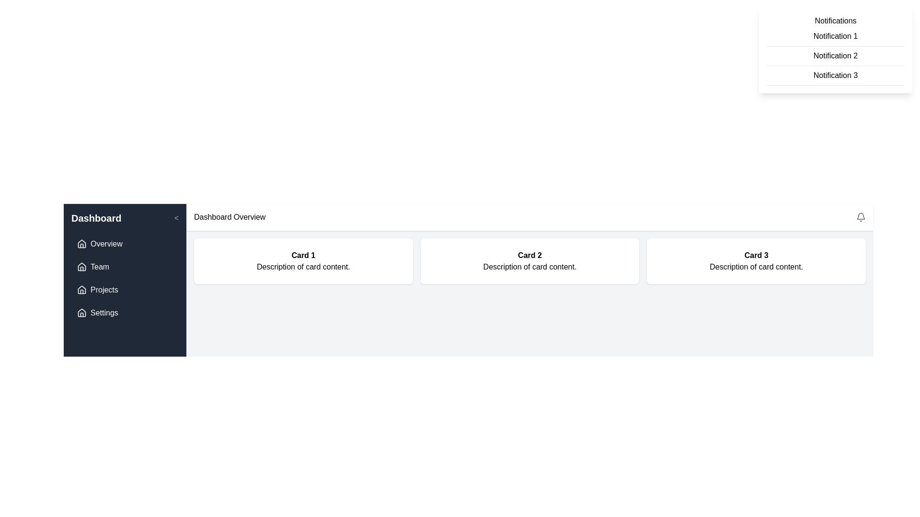 This screenshot has height=517, width=920. Describe the element at coordinates (96, 218) in the screenshot. I see `the 'Dashboard' static text label, which is styled with a bold, large font in white color against a dark background, located in the upper-left corner of the sidebar` at that location.